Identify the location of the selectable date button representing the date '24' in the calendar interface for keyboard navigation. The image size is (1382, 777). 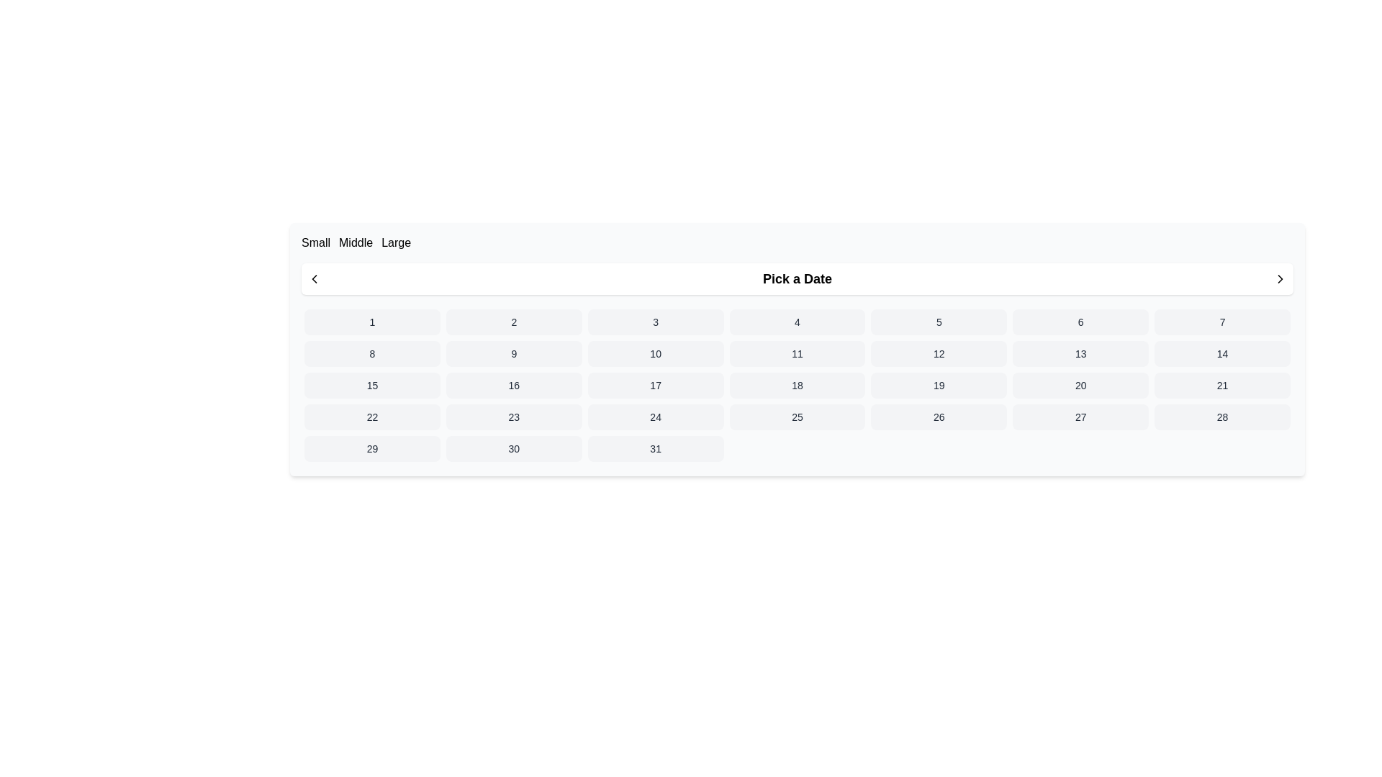
(655, 417).